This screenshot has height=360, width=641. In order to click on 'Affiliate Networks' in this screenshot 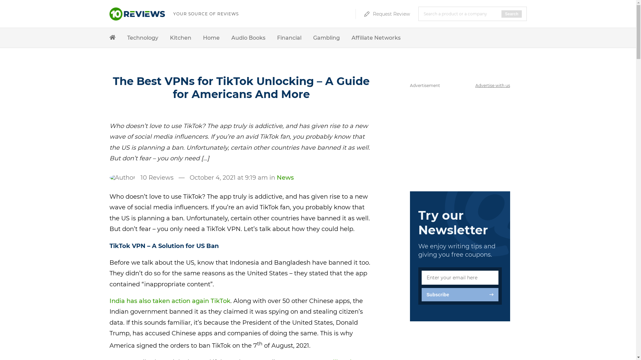, I will do `click(376, 38)`.